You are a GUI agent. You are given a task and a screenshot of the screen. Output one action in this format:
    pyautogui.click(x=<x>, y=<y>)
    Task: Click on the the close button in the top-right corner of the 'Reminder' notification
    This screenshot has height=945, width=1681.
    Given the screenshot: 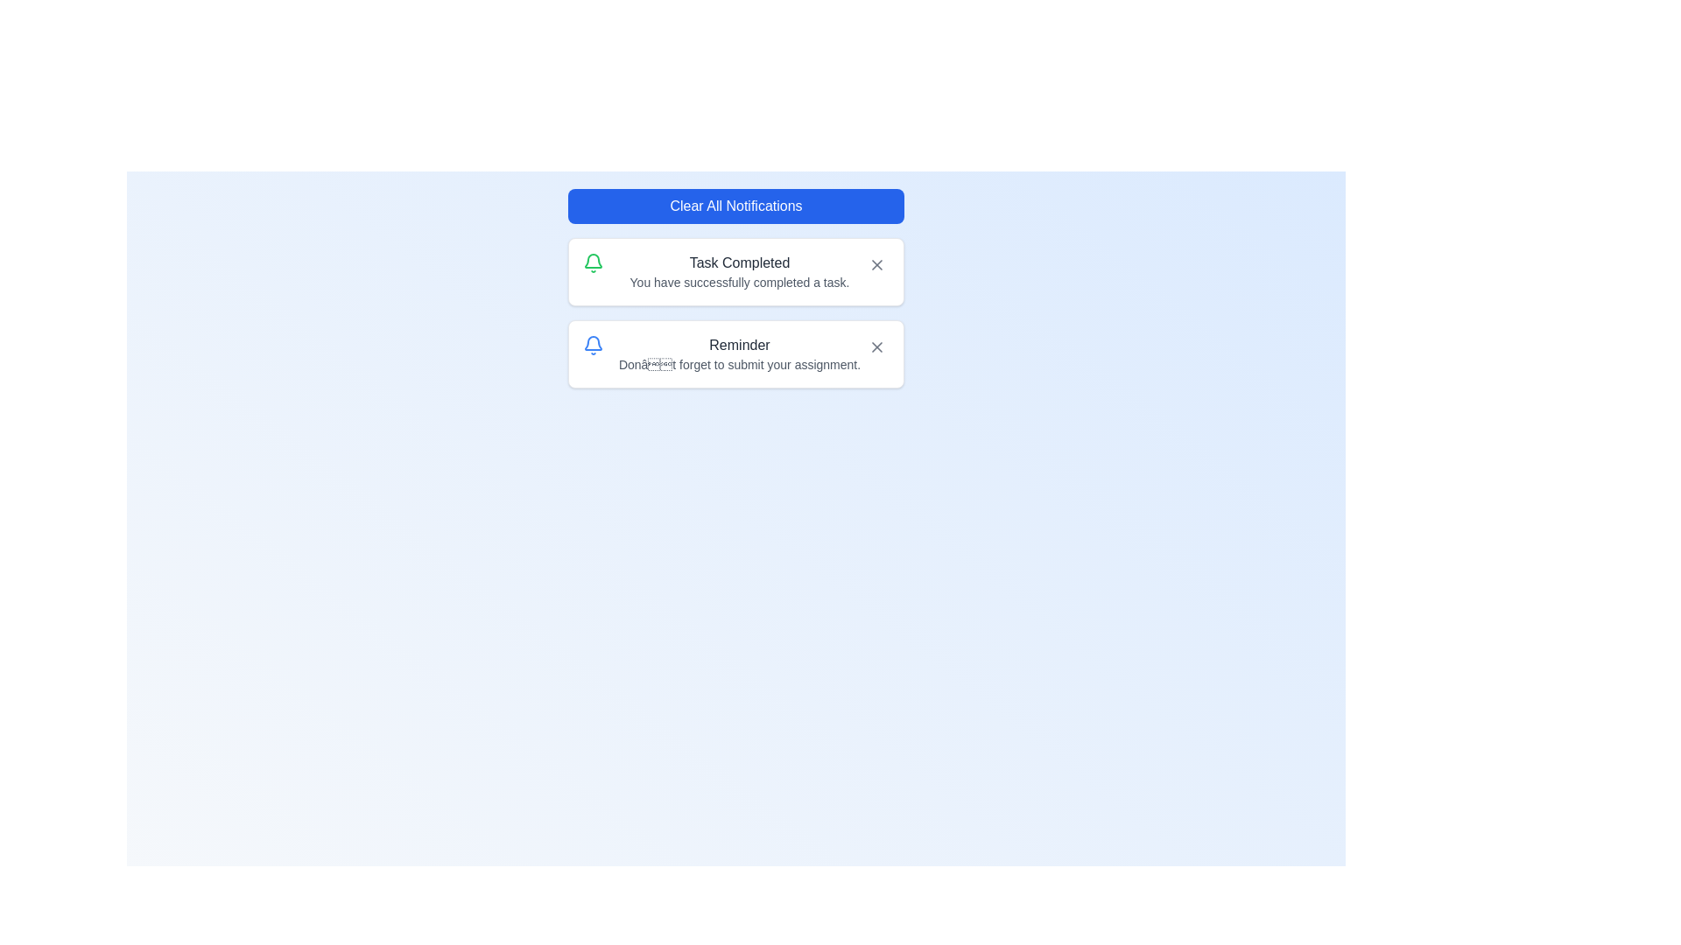 What is the action you would take?
    pyautogui.click(x=877, y=347)
    